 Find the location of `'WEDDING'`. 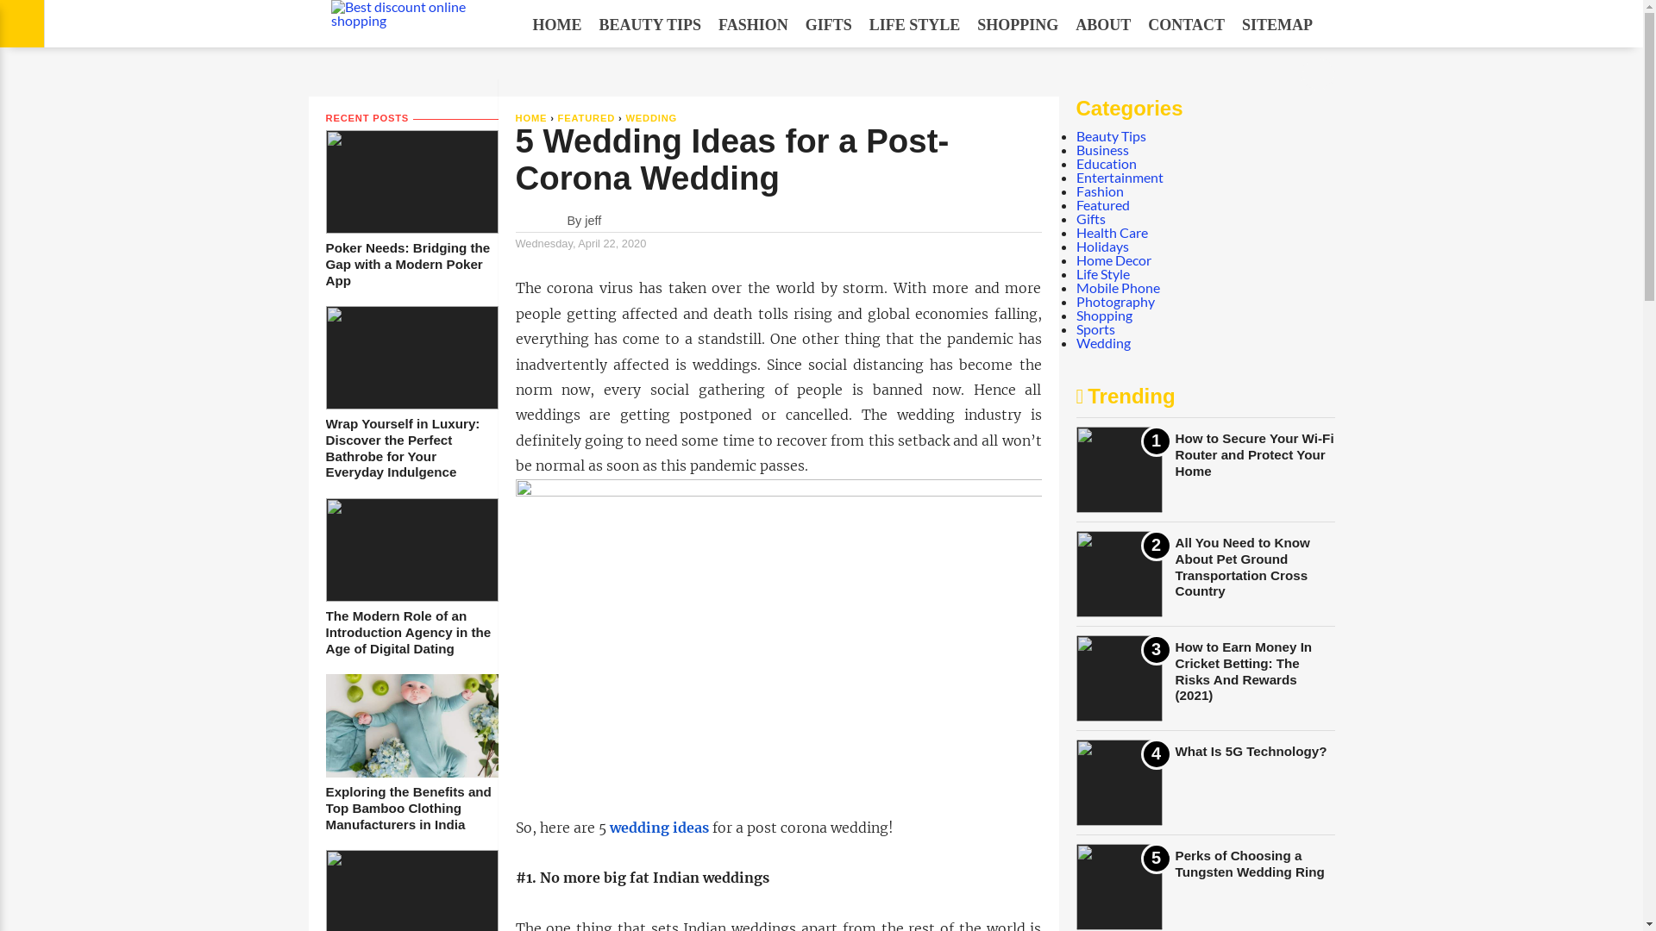

'WEDDING' is located at coordinates (649, 117).